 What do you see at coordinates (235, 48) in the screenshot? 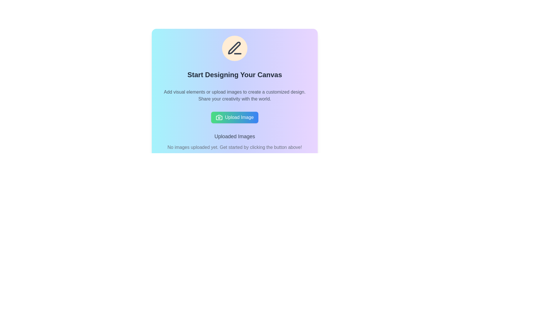
I see `the central editing icon within the orange circular design located at the top center of the main interface panel` at bounding box center [235, 48].